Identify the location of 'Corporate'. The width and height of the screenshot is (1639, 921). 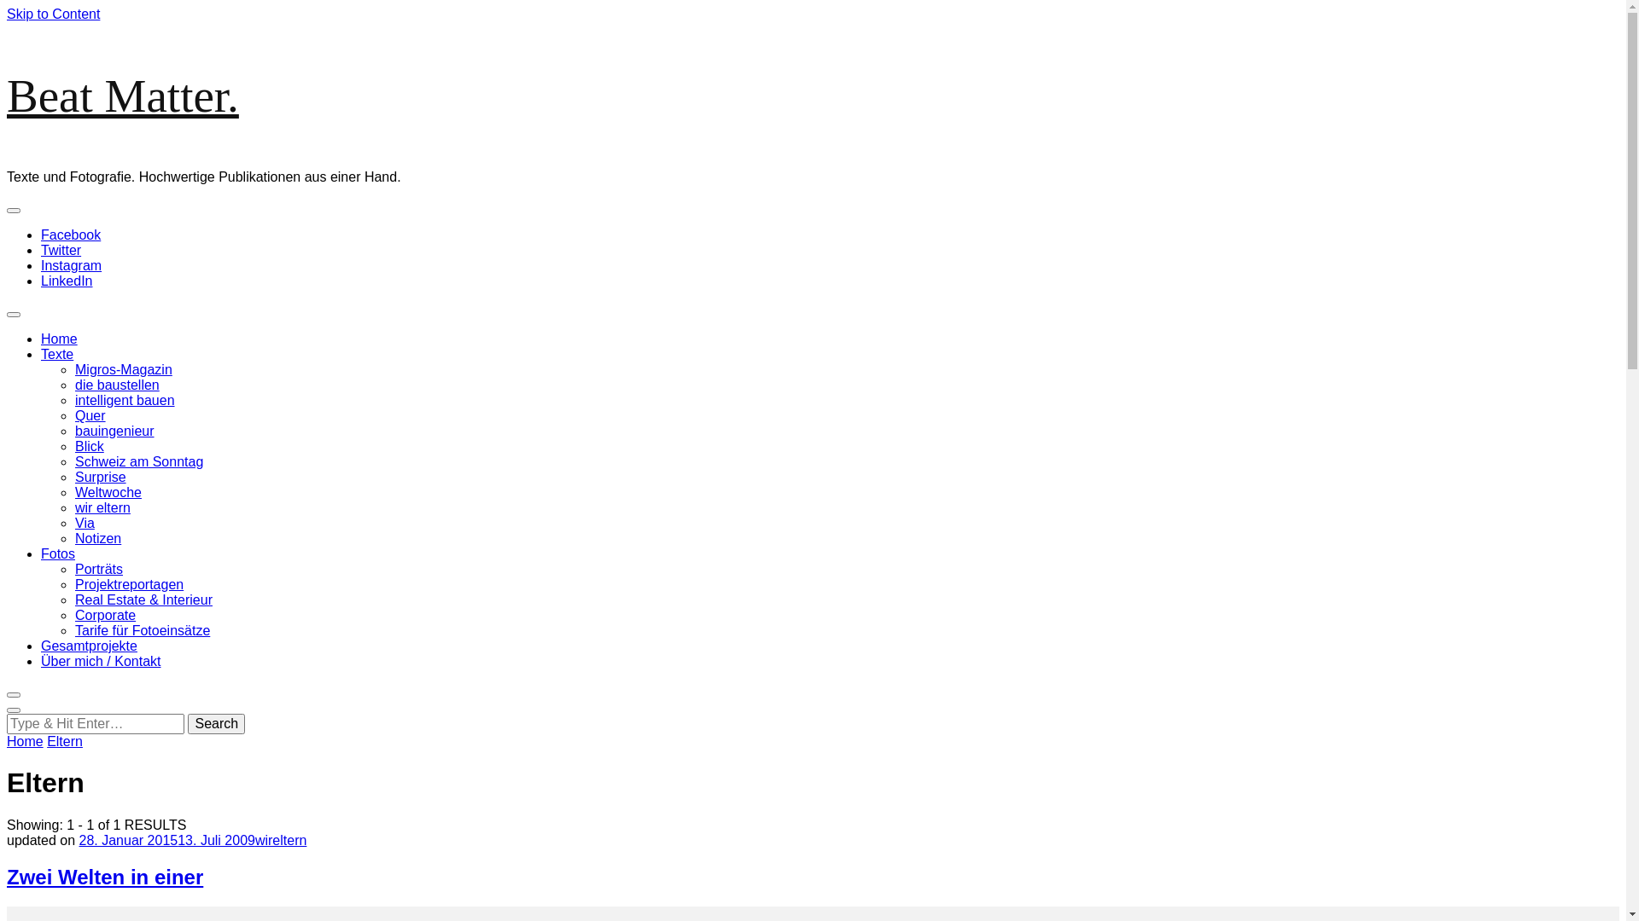
(104, 615).